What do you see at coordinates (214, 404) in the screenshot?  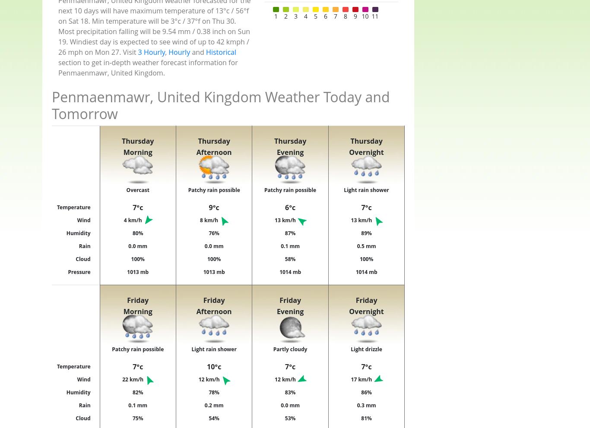 I see `'0.2 mm'` at bounding box center [214, 404].